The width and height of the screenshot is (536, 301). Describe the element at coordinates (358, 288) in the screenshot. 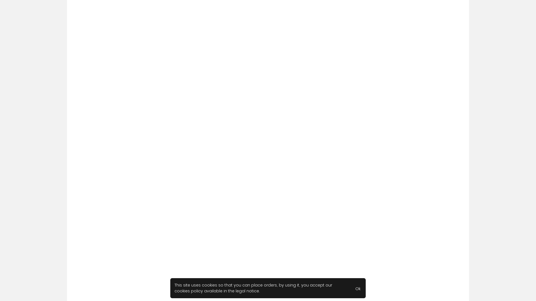

I see `'Ok'` at that location.